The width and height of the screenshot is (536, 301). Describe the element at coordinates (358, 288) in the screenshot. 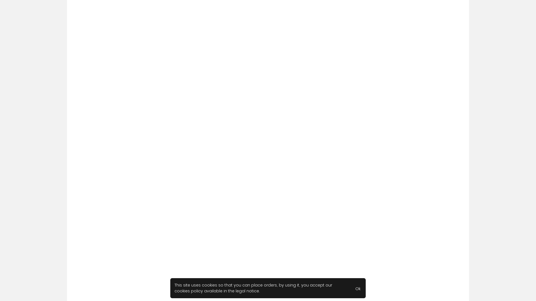

I see `'Ok'` at that location.